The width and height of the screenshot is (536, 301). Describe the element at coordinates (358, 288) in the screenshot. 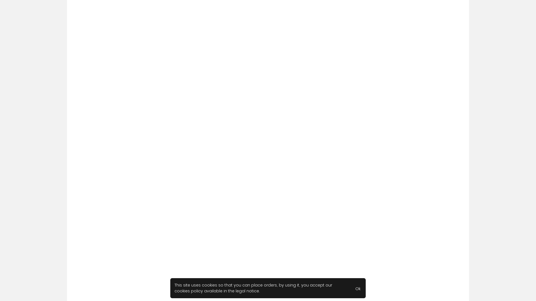

I see `'Ok'` at that location.